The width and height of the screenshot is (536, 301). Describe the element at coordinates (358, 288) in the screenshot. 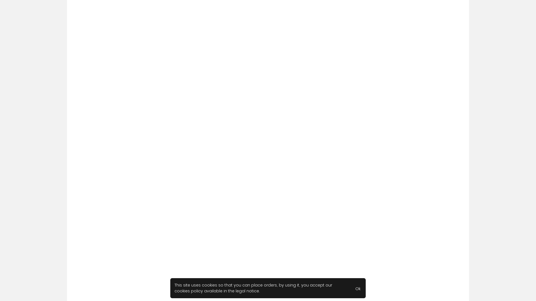

I see `'Ok'` at that location.